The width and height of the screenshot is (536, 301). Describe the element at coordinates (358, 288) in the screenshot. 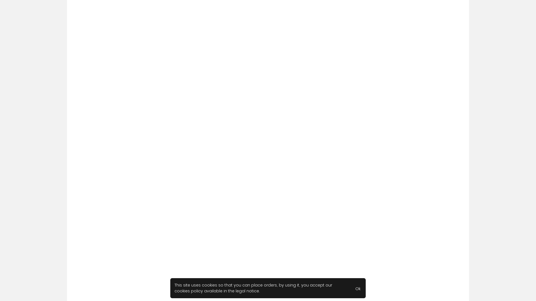

I see `'Ok'` at that location.